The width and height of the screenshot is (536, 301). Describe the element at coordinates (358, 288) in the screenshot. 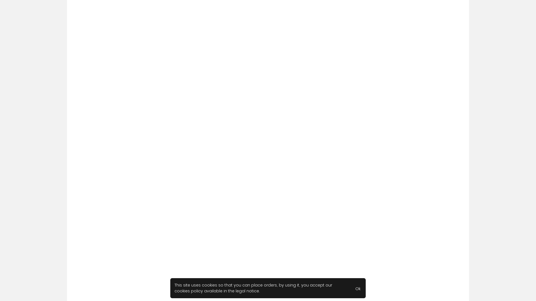

I see `'Ok'` at that location.